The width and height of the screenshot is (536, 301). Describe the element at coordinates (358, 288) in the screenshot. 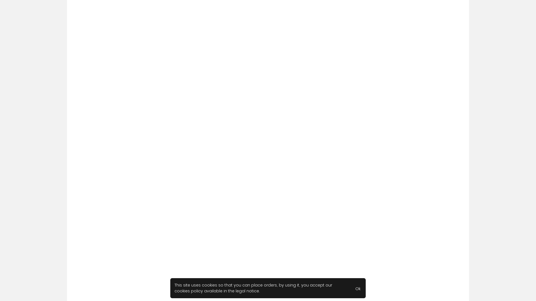

I see `'Ok'` at that location.